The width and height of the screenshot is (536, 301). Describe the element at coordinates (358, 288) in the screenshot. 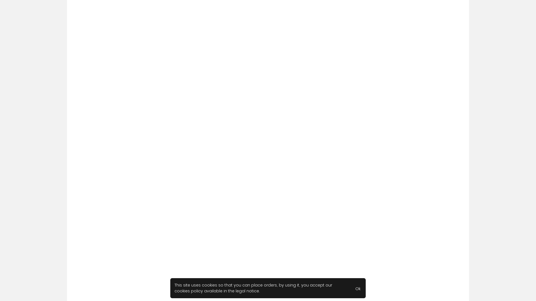

I see `'Ok'` at that location.